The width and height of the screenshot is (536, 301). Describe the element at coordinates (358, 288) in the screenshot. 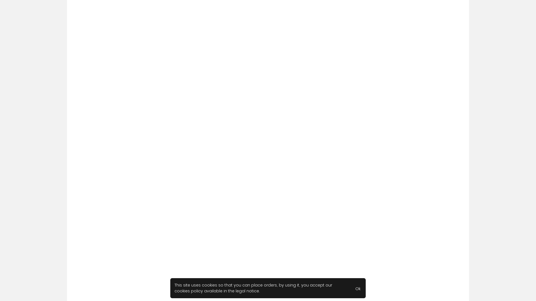

I see `'Ok'` at that location.